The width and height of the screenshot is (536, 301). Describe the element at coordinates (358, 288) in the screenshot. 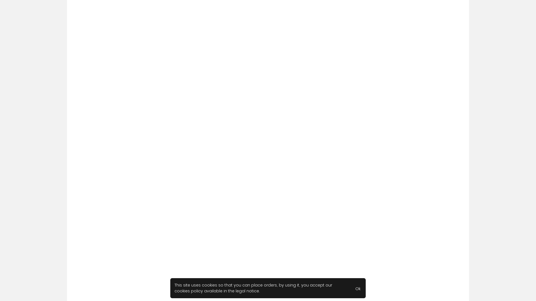

I see `'Ok'` at that location.